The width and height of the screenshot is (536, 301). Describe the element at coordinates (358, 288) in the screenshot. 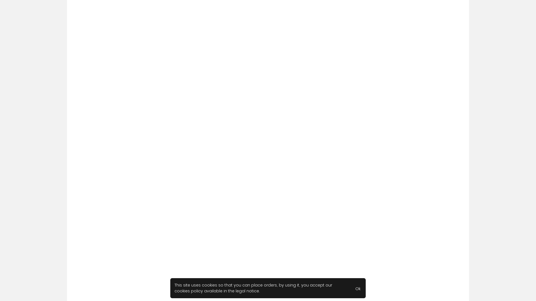

I see `'Ok'` at that location.